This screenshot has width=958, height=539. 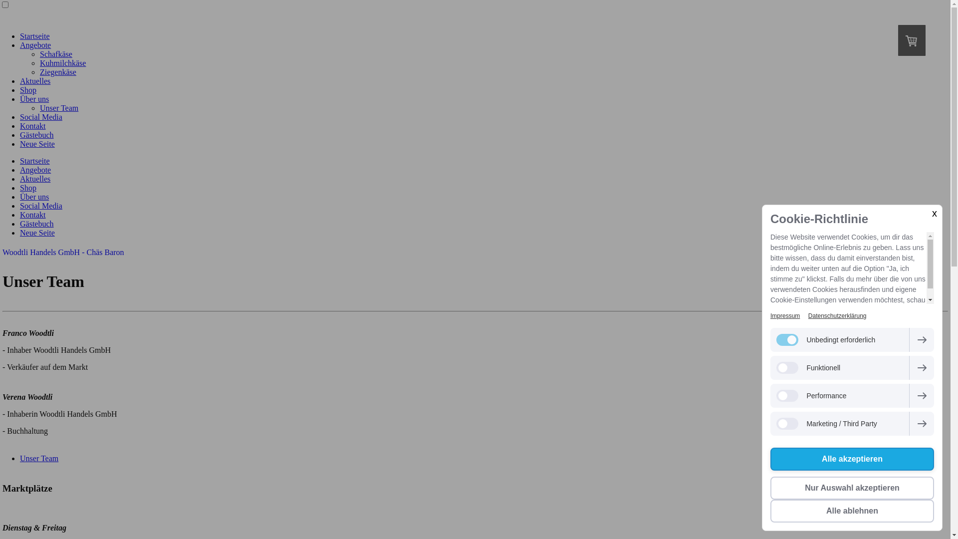 I want to click on 'Impressum', so click(x=784, y=315).